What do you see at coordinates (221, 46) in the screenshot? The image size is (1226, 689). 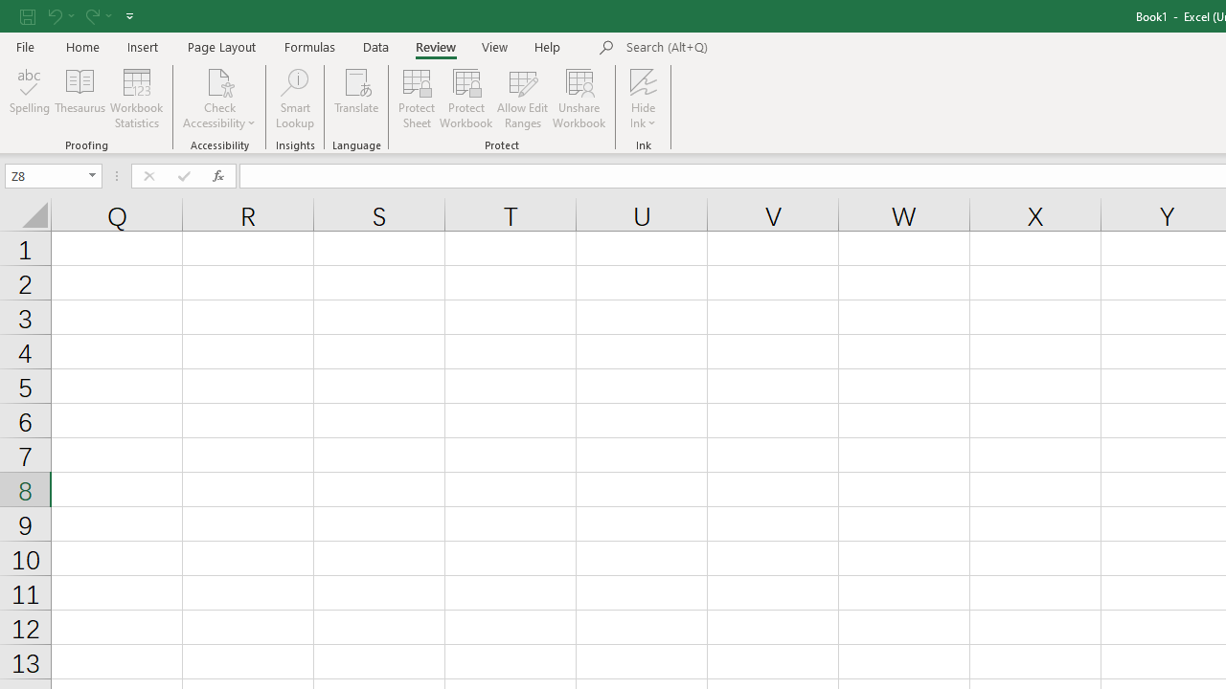 I see `'Page Layout'` at bounding box center [221, 46].